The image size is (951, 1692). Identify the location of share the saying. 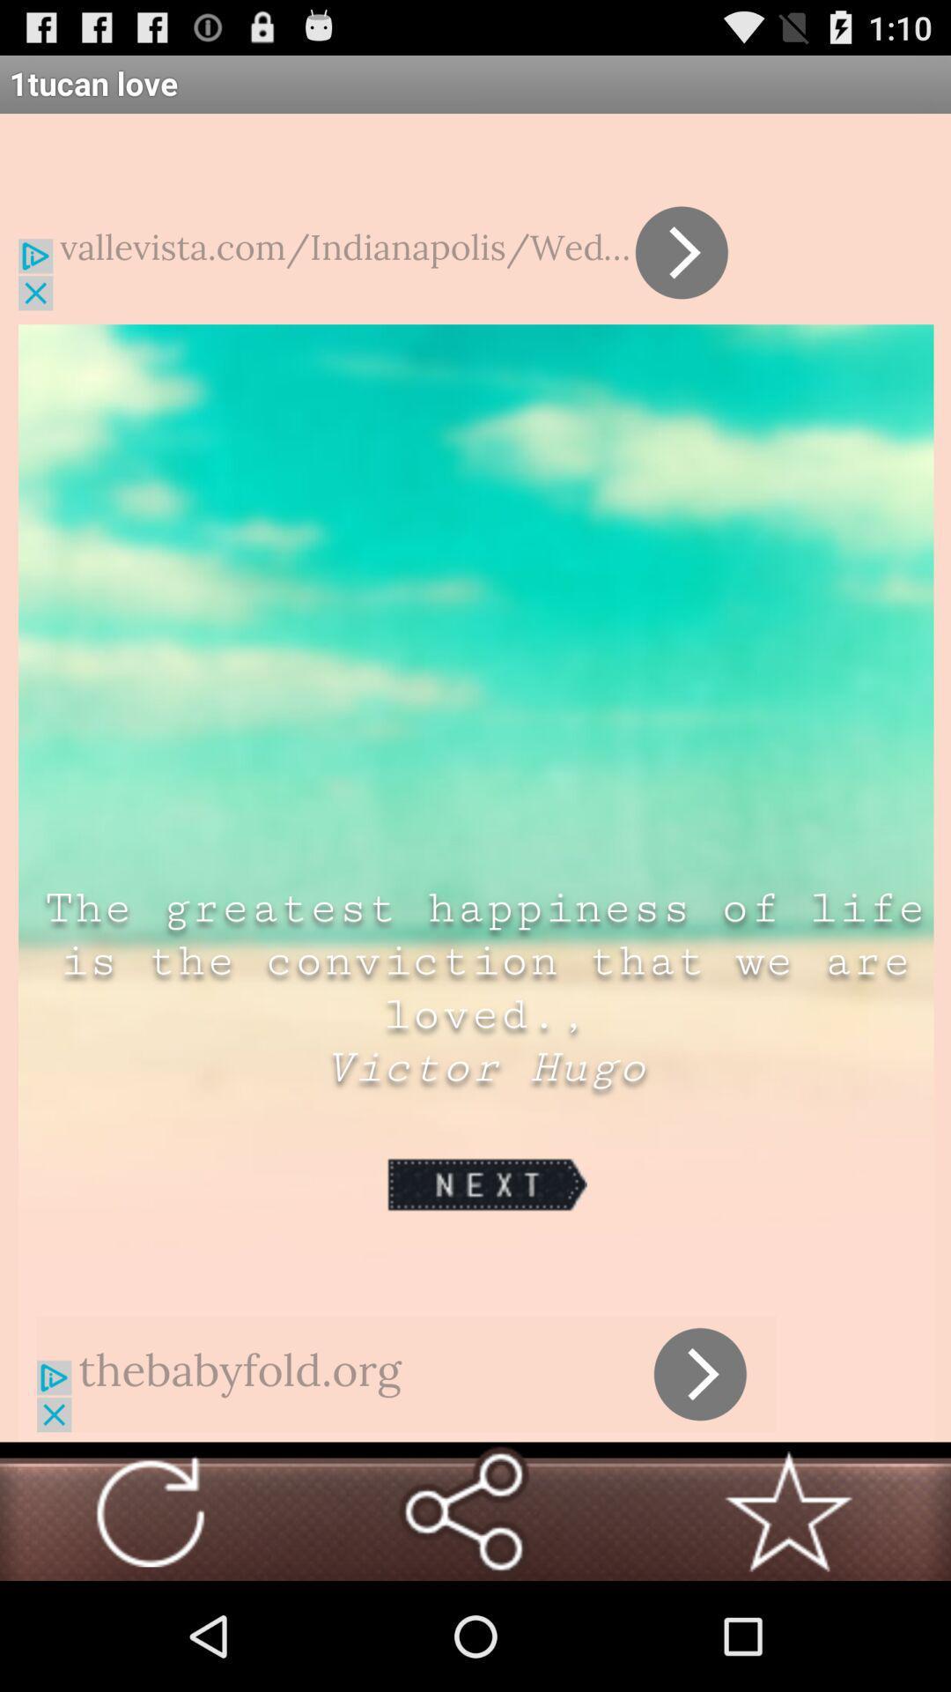
(462, 1510).